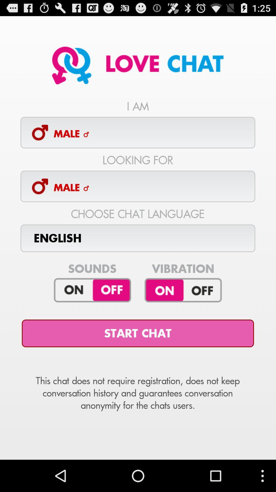  Describe the element at coordinates (183, 290) in the screenshot. I see `turn on/off vibration` at that location.